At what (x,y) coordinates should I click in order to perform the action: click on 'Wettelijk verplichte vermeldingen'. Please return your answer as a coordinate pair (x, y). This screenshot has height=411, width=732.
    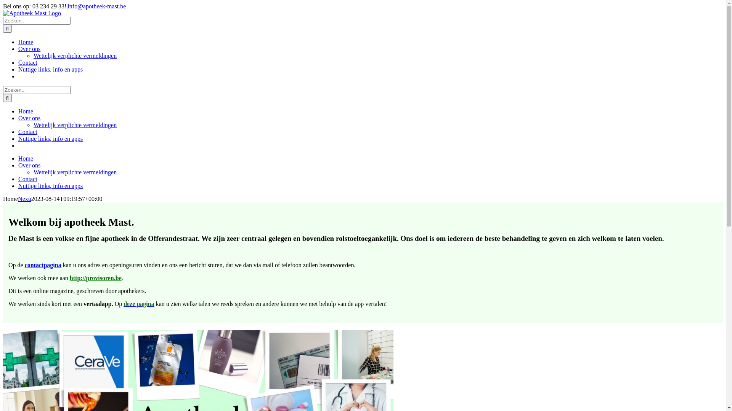
    Looking at the image, I should click on (75, 55).